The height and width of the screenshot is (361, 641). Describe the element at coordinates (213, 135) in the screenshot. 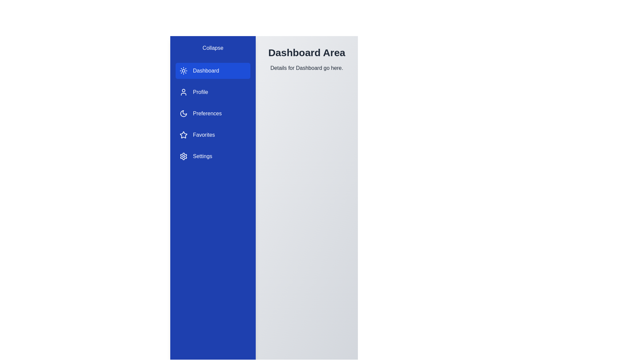

I see `the Favorites section in the sidebar to navigate to it` at that location.